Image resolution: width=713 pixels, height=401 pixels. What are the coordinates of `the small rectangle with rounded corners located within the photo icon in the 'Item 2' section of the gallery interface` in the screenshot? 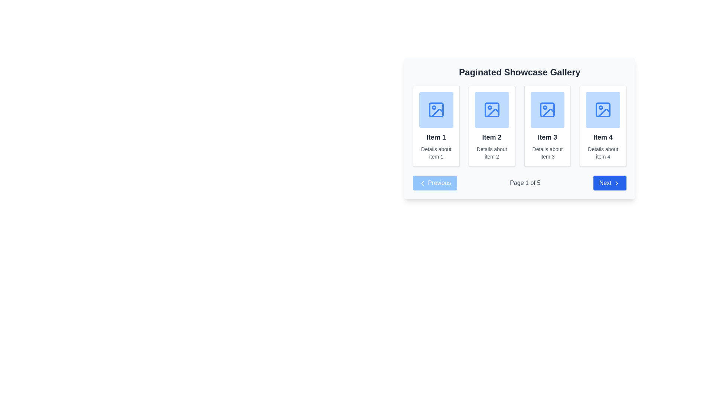 It's located at (492, 110).